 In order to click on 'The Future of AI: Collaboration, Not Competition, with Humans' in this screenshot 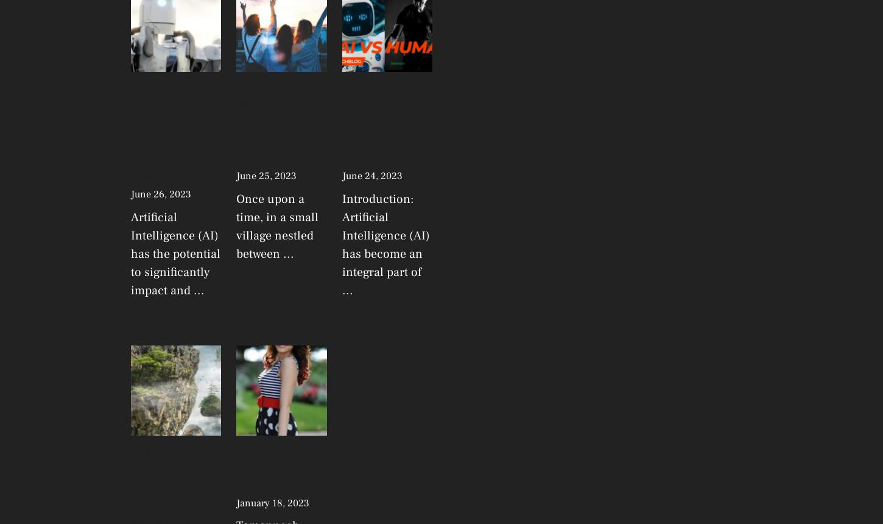, I will do `click(385, 122)`.